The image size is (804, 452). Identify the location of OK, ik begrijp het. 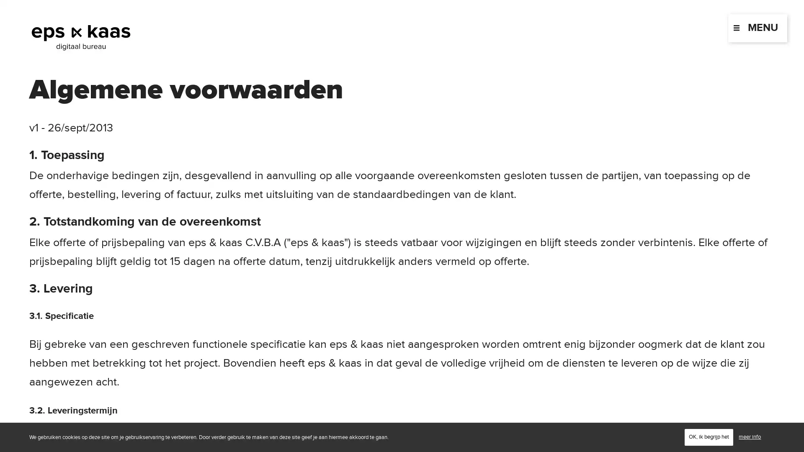
(709, 437).